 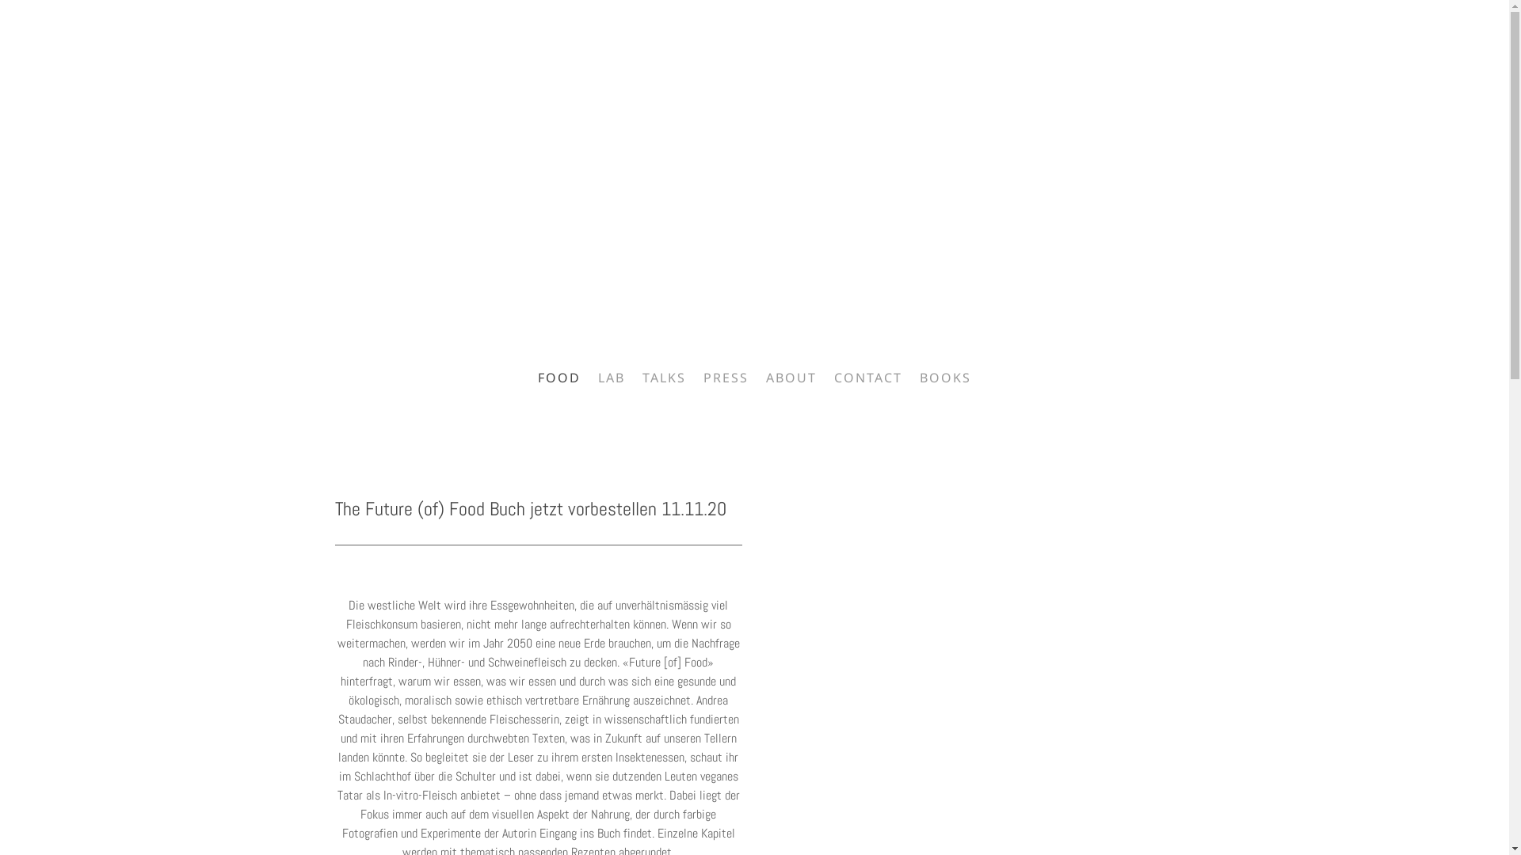 What do you see at coordinates (611, 378) in the screenshot?
I see `'LAB'` at bounding box center [611, 378].